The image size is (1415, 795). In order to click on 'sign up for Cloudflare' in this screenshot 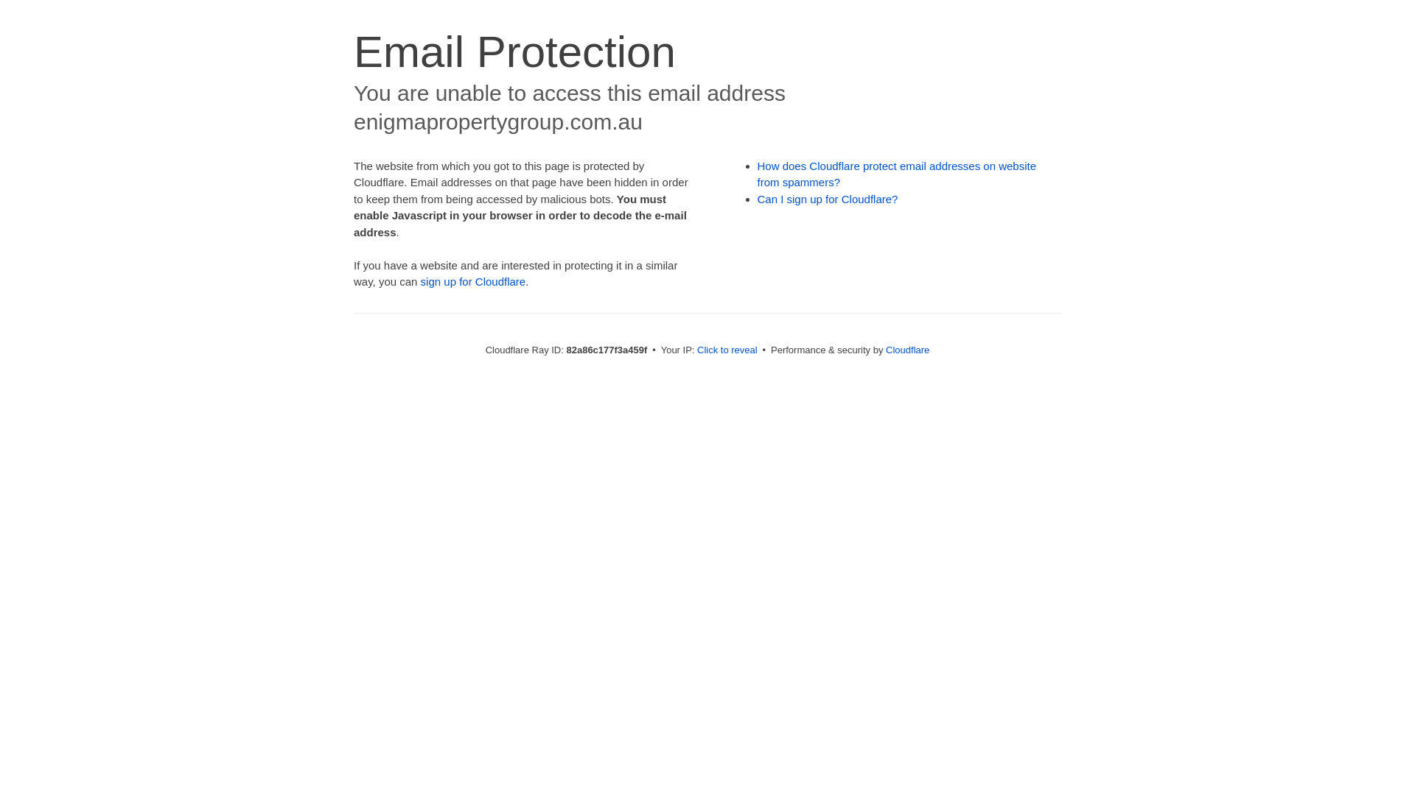, I will do `click(420, 281)`.